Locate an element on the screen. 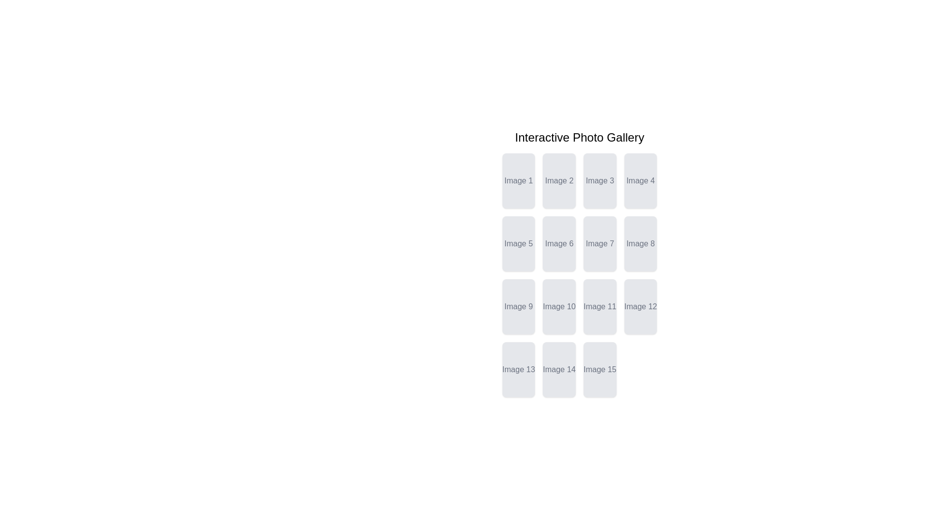 This screenshot has height=531, width=944. the card displaying 'Image 4', which is the 4th item in the first row of a grid layout is located at coordinates (641, 180).